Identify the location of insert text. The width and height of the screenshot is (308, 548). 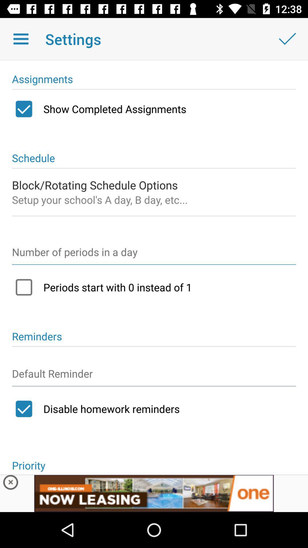
(154, 376).